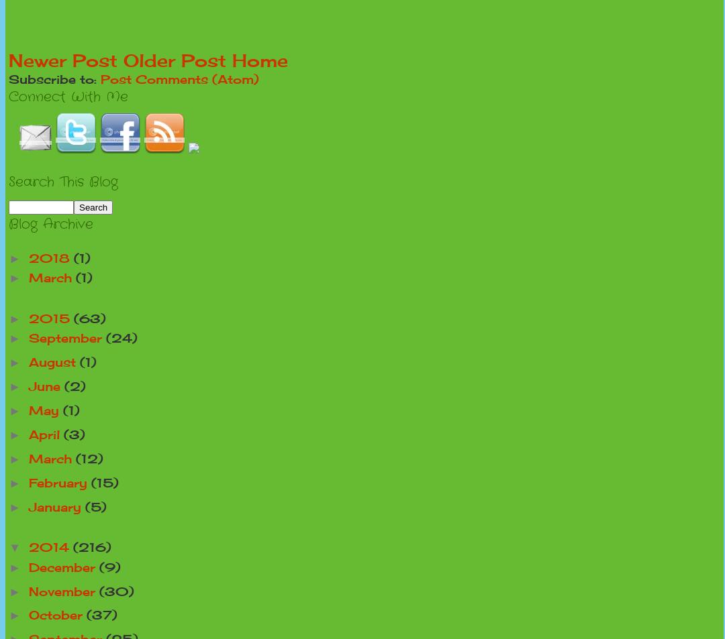 This screenshot has width=725, height=639. I want to click on '(15)', so click(104, 482).